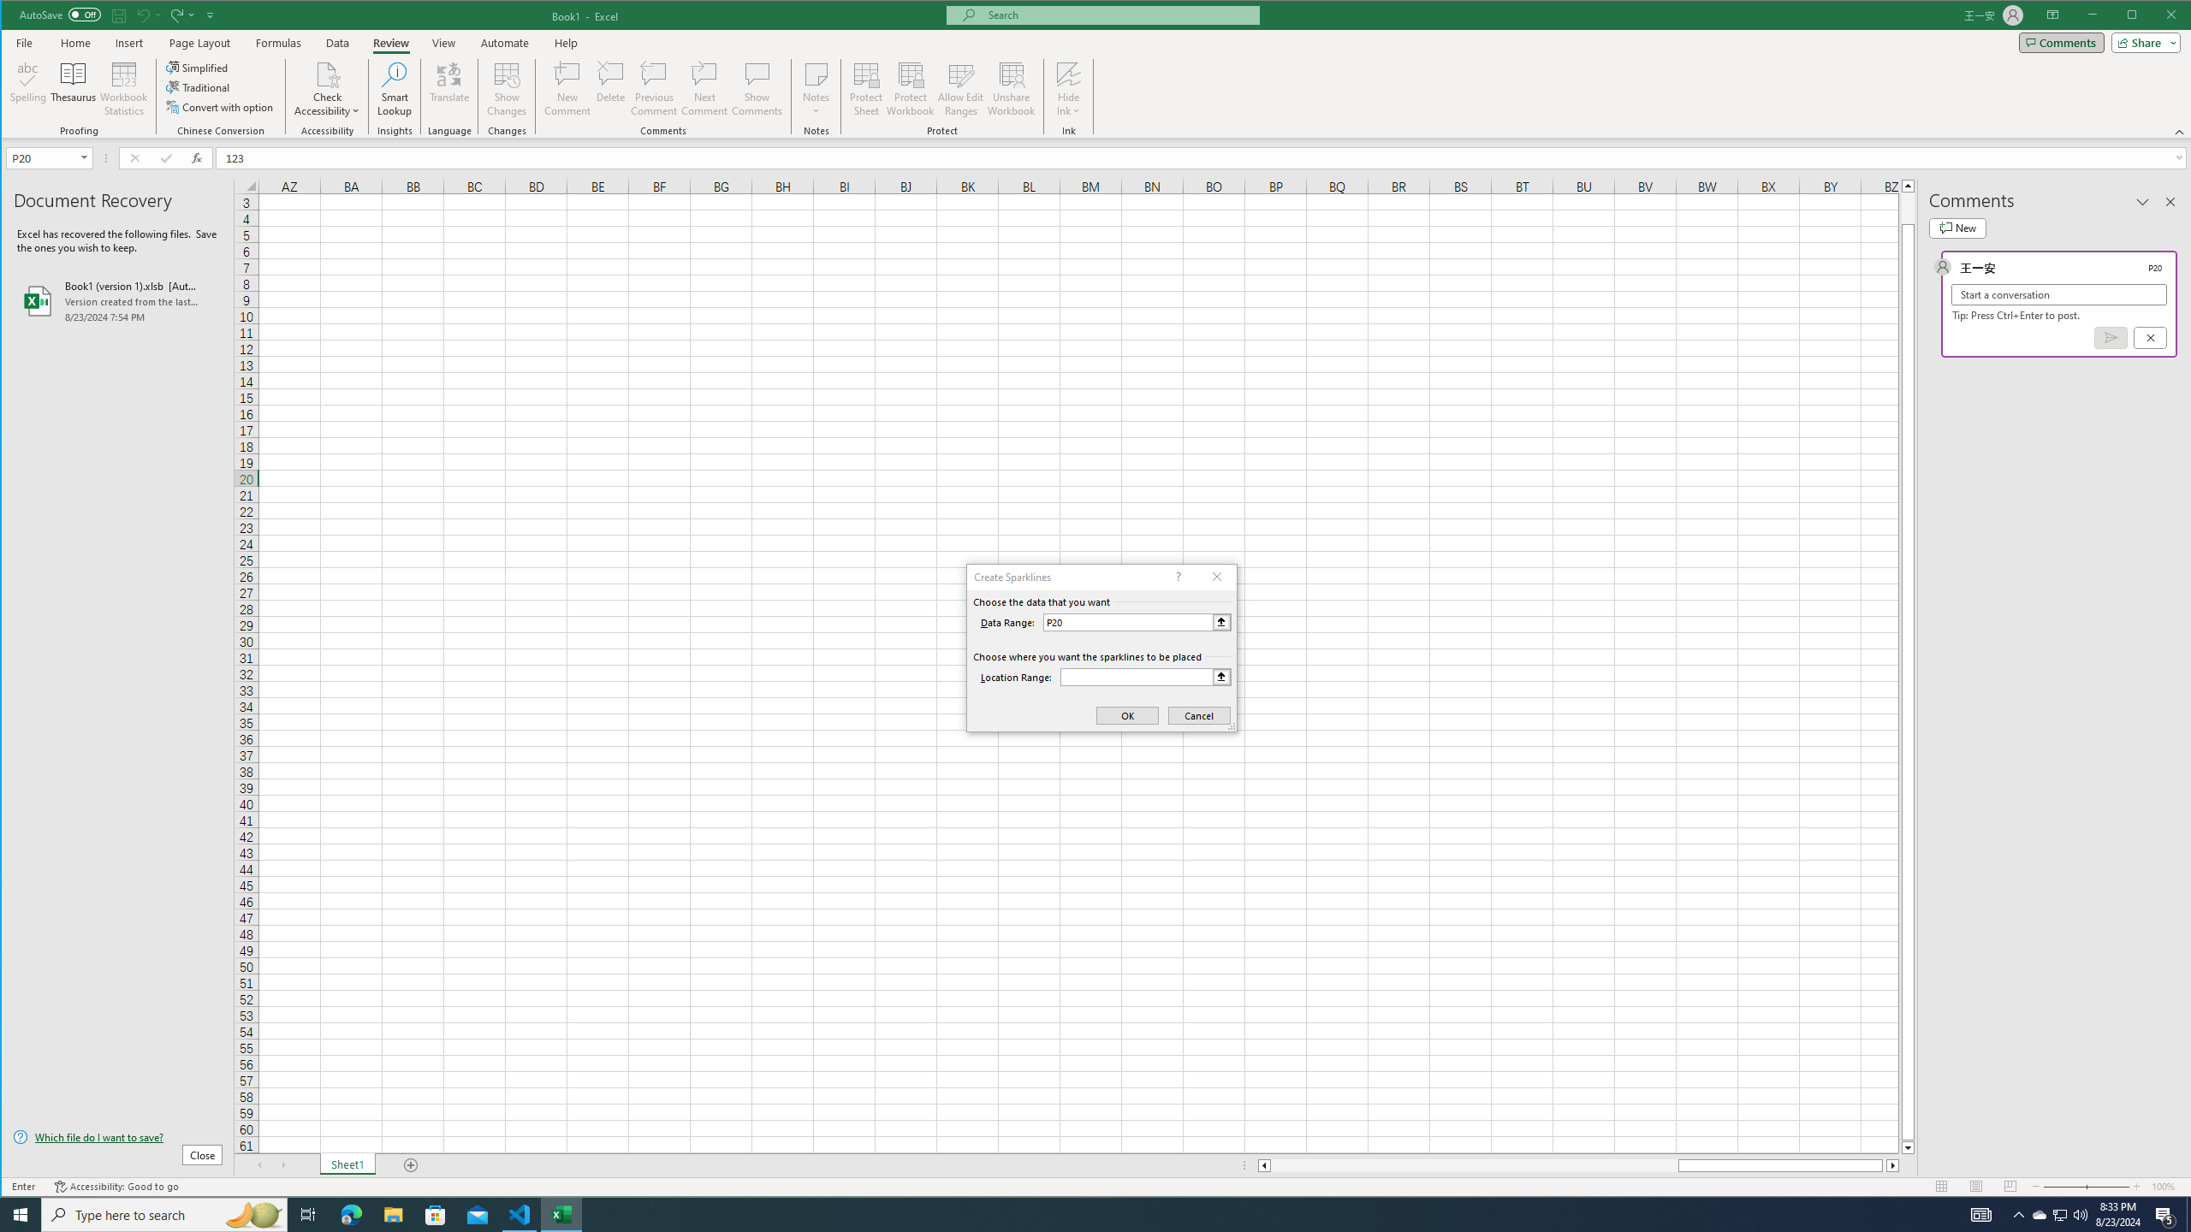 This screenshot has height=1232, width=2191. I want to click on 'Convert with option', so click(220, 107).